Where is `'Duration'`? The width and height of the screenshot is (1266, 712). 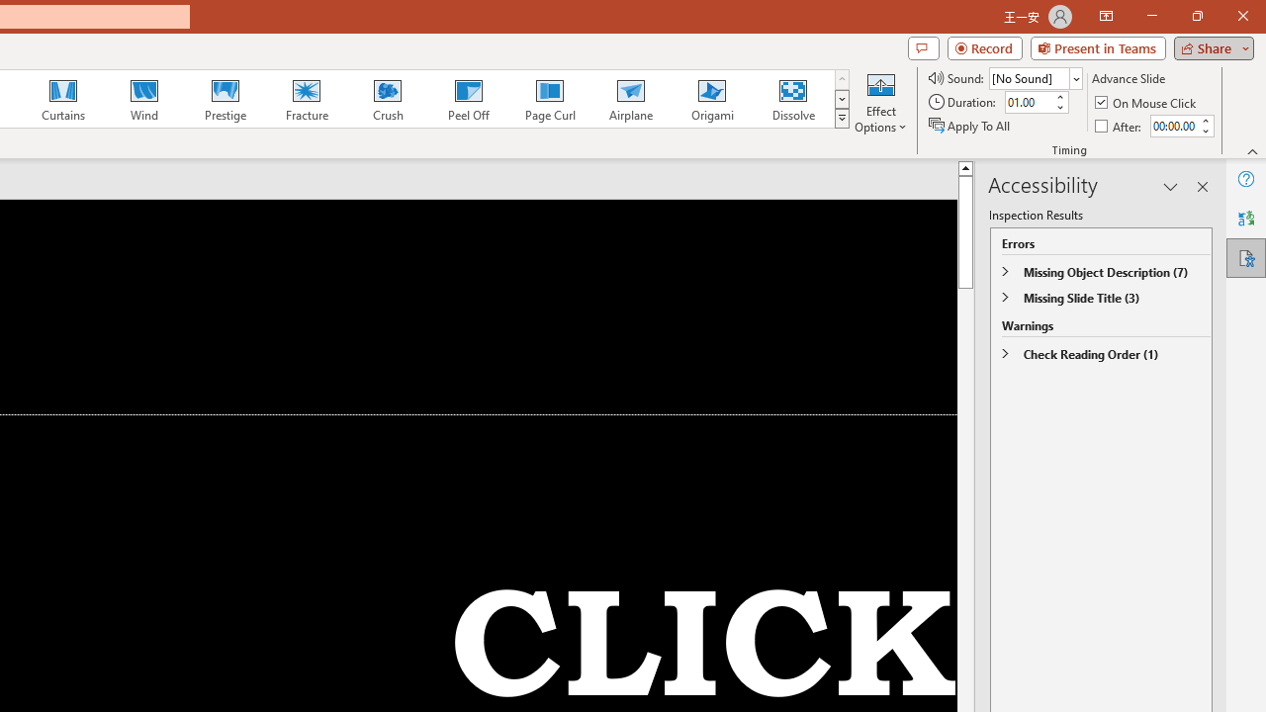
'Duration' is located at coordinates (1029, 102).